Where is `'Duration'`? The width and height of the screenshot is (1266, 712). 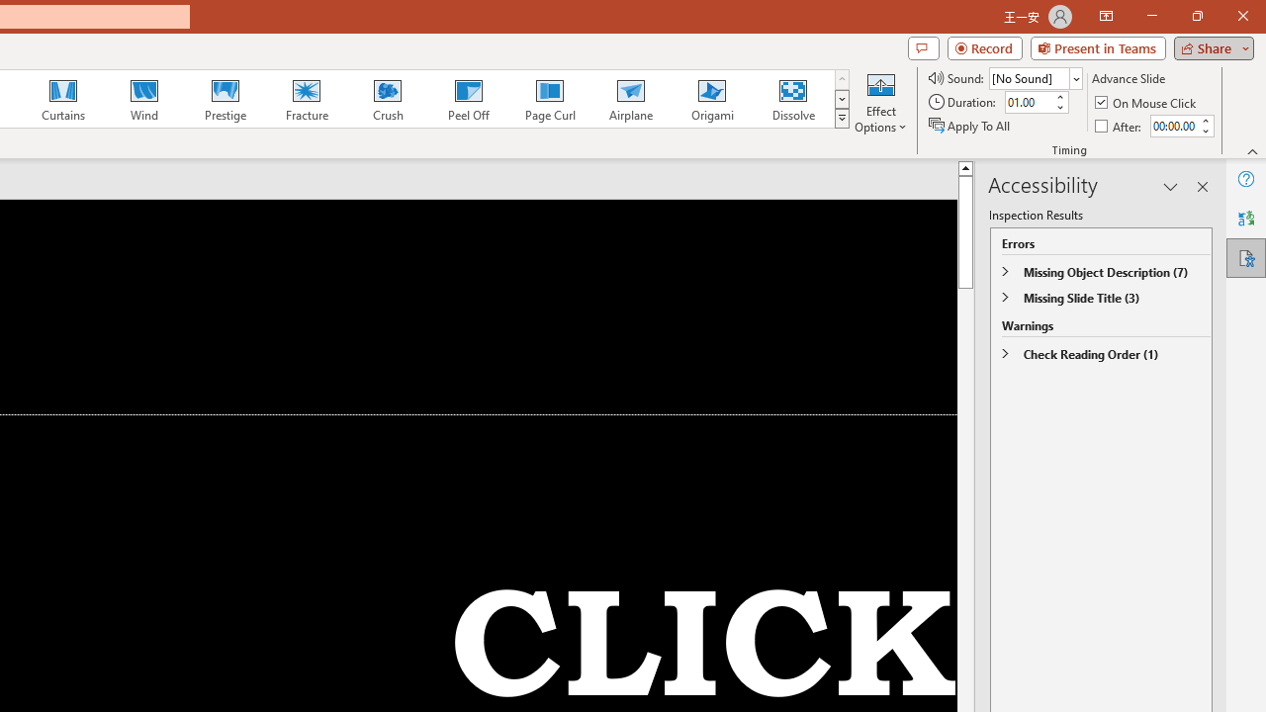
'Duration' is located at coordinates (1029, 102).